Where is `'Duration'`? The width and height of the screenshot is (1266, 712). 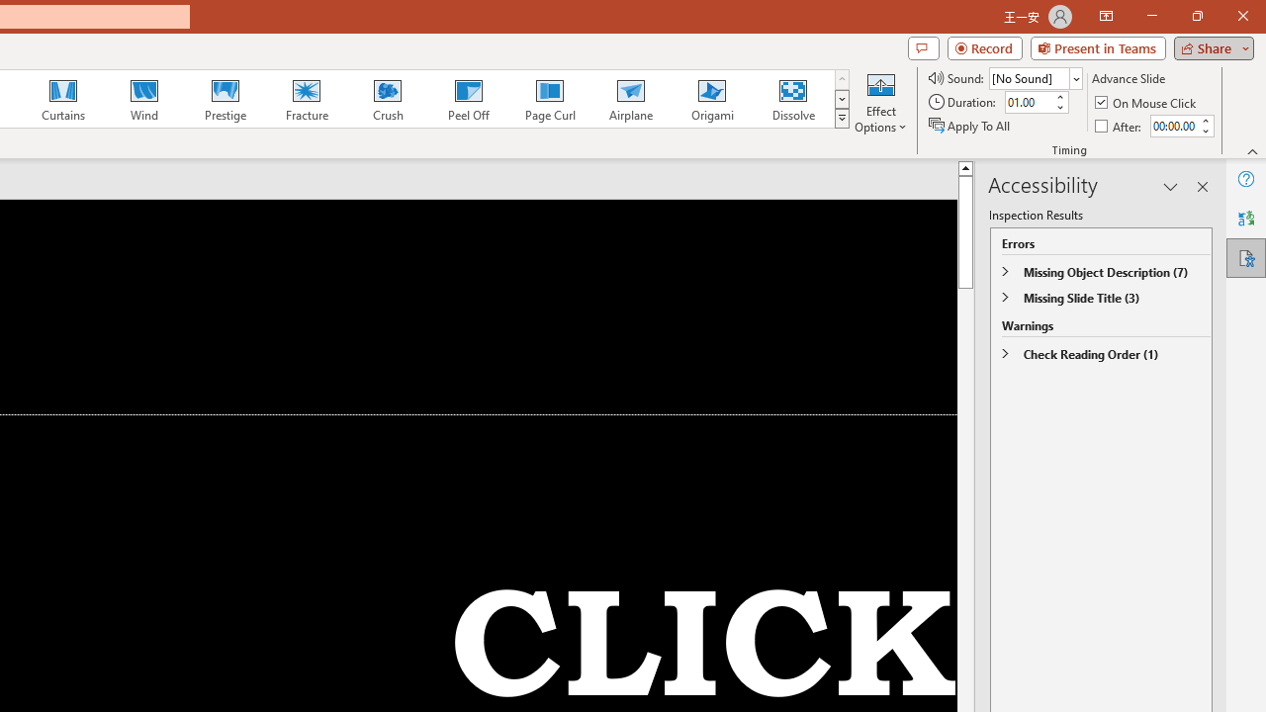
'Duration' is located at coordinates (1029, 102).